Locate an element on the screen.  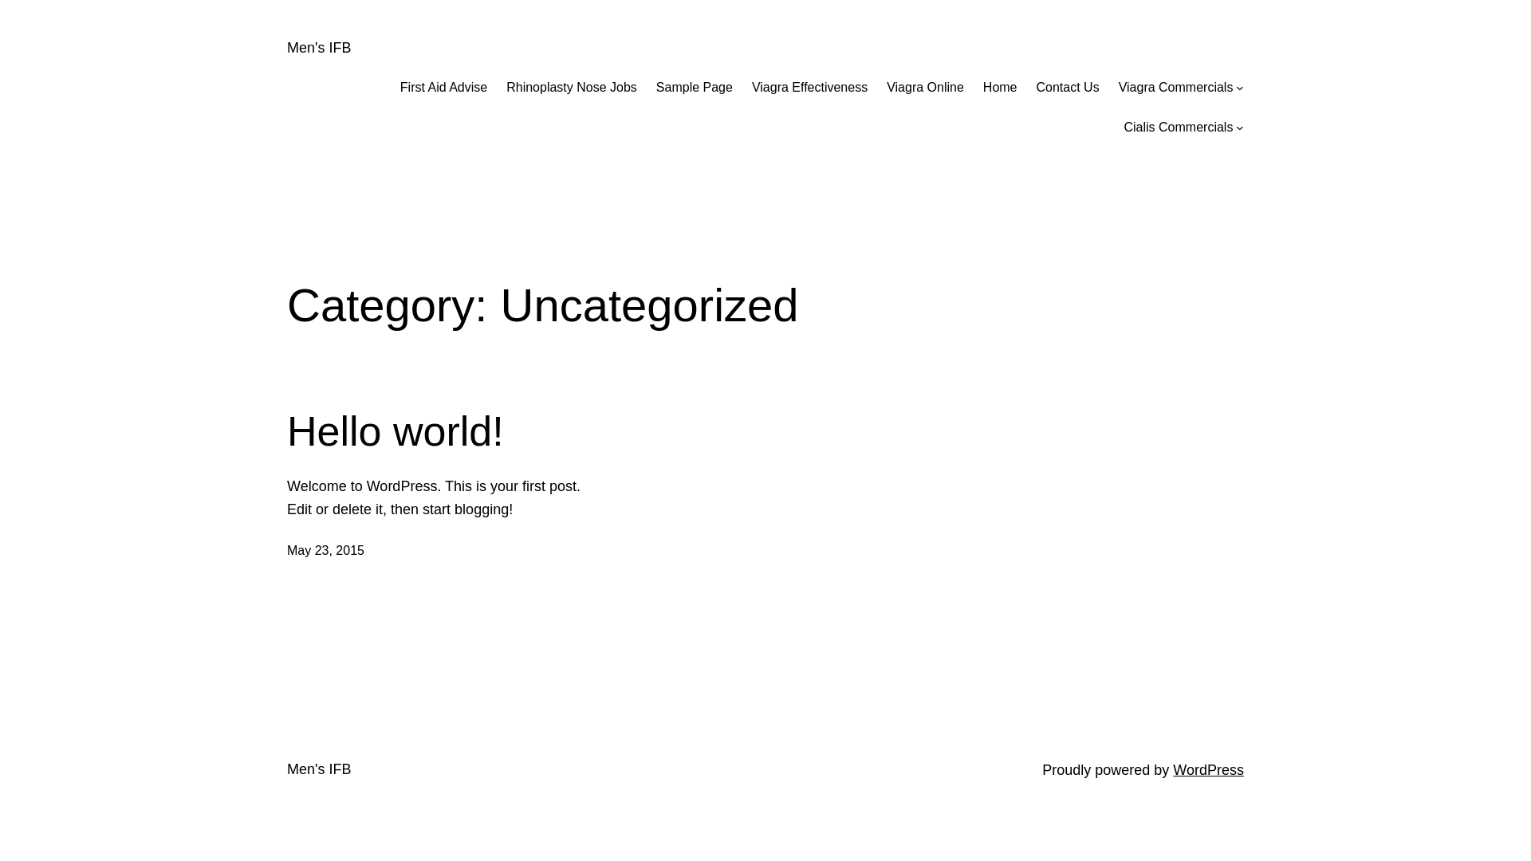
'Contact Us' is located at coordinates (1068, 88).